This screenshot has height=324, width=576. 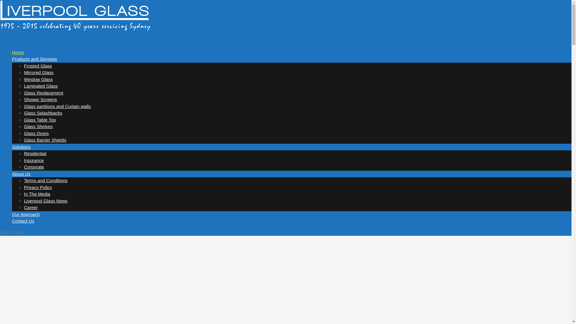 I want to click on 'Career', so click(x=30, y=207).